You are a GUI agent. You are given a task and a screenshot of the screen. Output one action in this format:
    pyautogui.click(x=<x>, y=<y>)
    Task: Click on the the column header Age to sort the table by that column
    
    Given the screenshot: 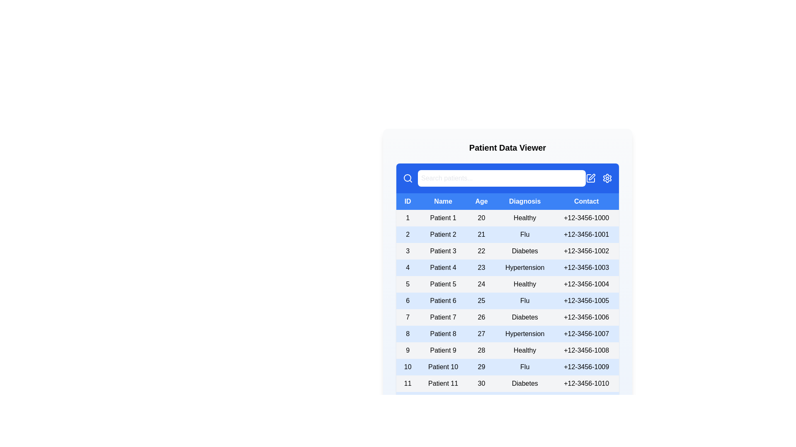 What is the action you would take?
    pyautogui.click(x=481, y=201)
    